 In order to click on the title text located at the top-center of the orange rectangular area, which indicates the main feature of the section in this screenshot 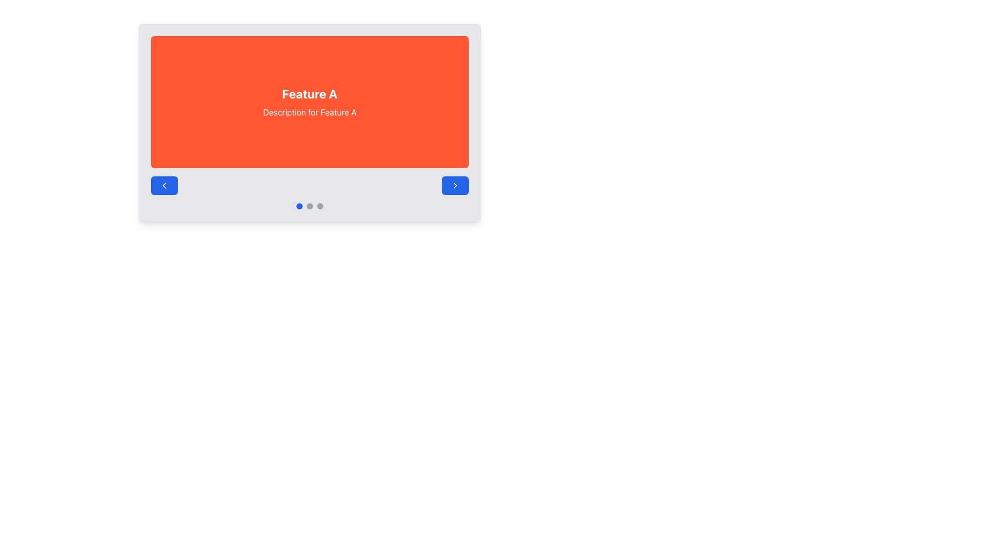, I will do `click(309, 93)`.